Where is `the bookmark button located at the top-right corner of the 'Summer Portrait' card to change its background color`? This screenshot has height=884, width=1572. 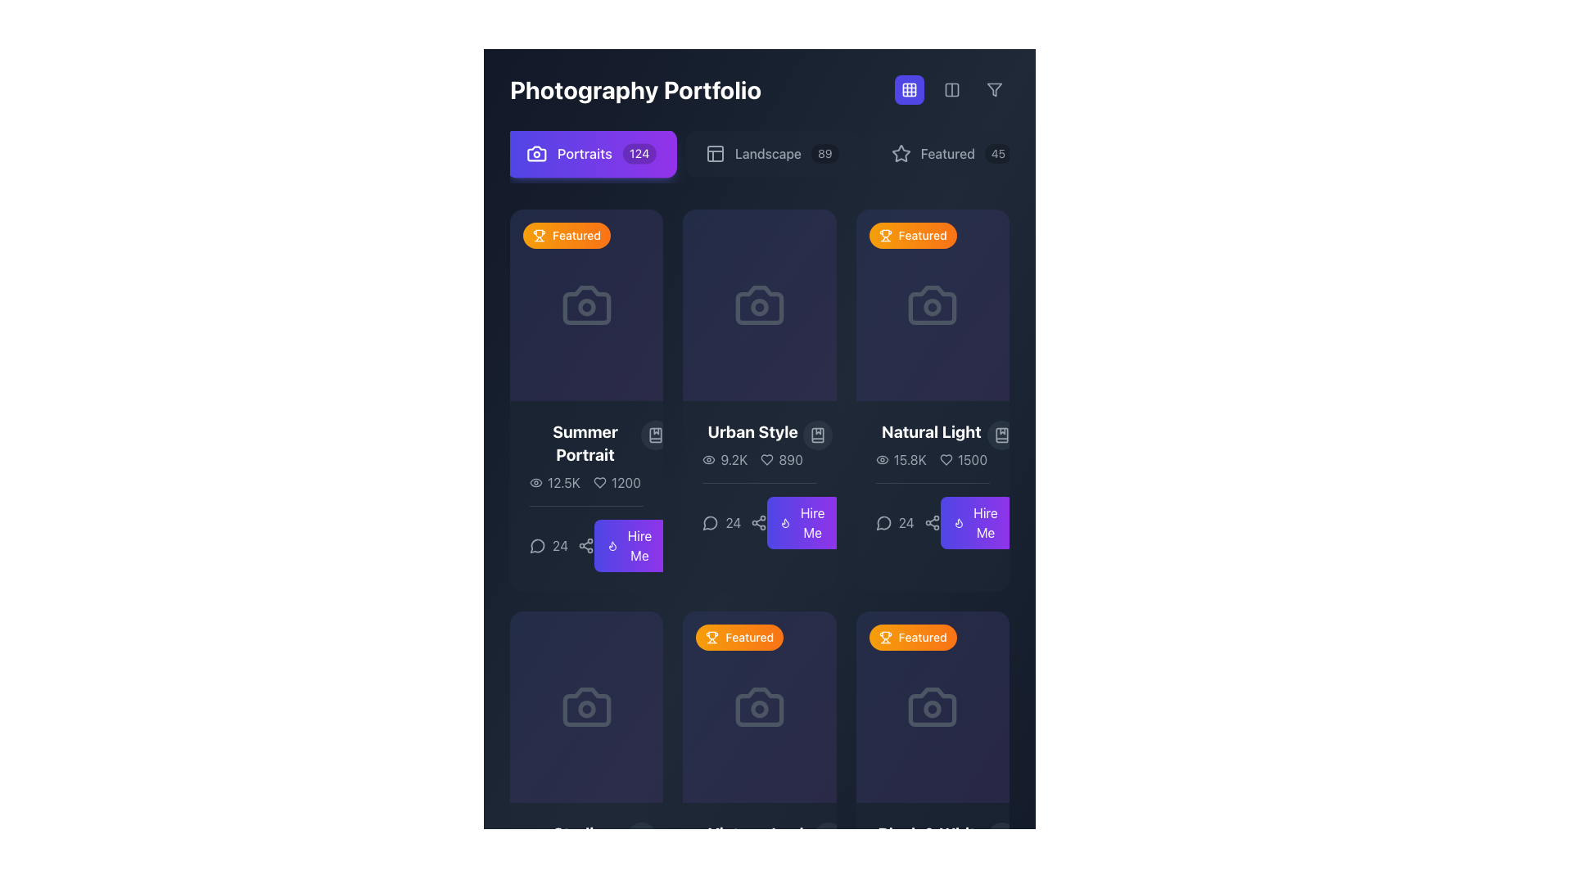 the bookmark button located at the top-right corner of the 'Summer Portrait' card to change its background color is located at coordinates (656, 435).